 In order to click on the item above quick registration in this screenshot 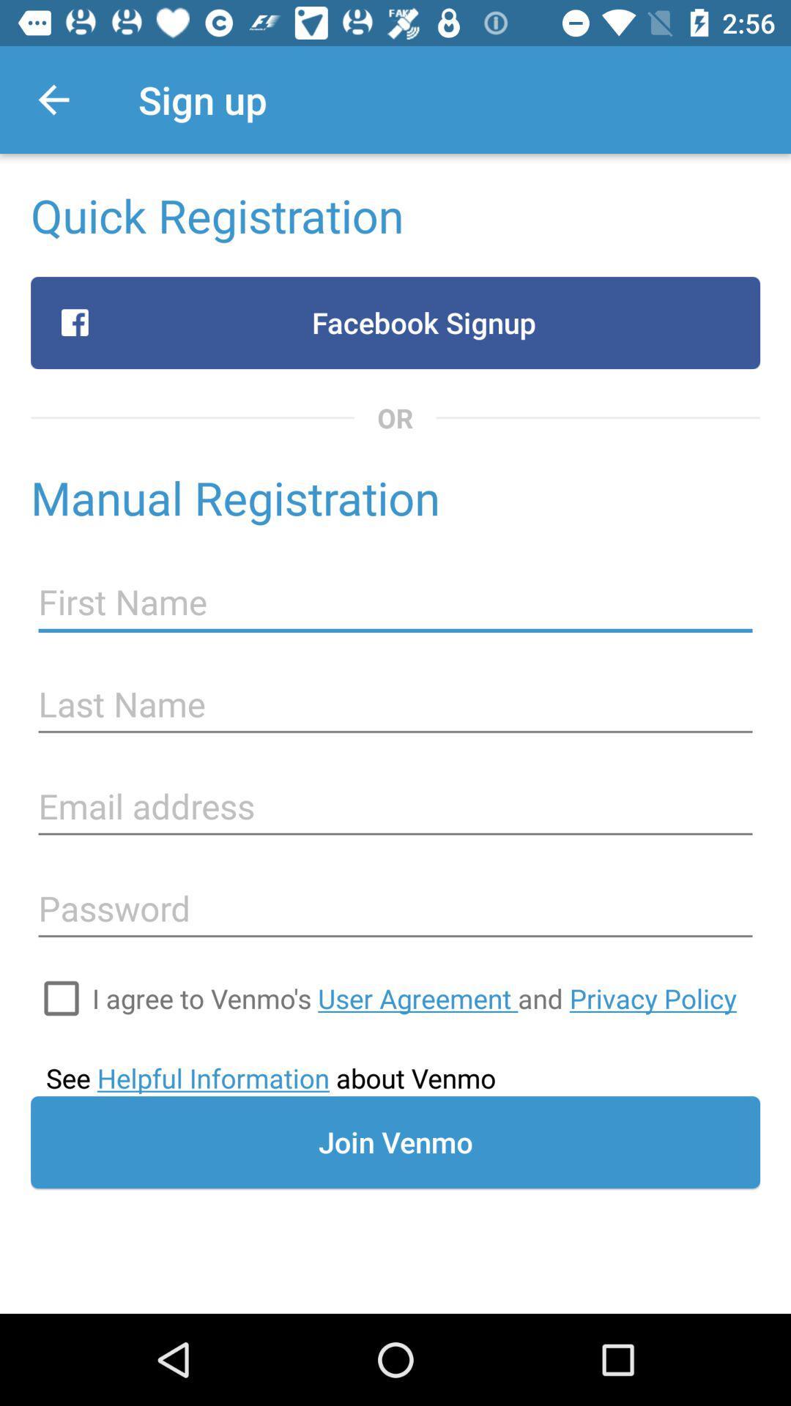, I will do `click(53, 99)`.